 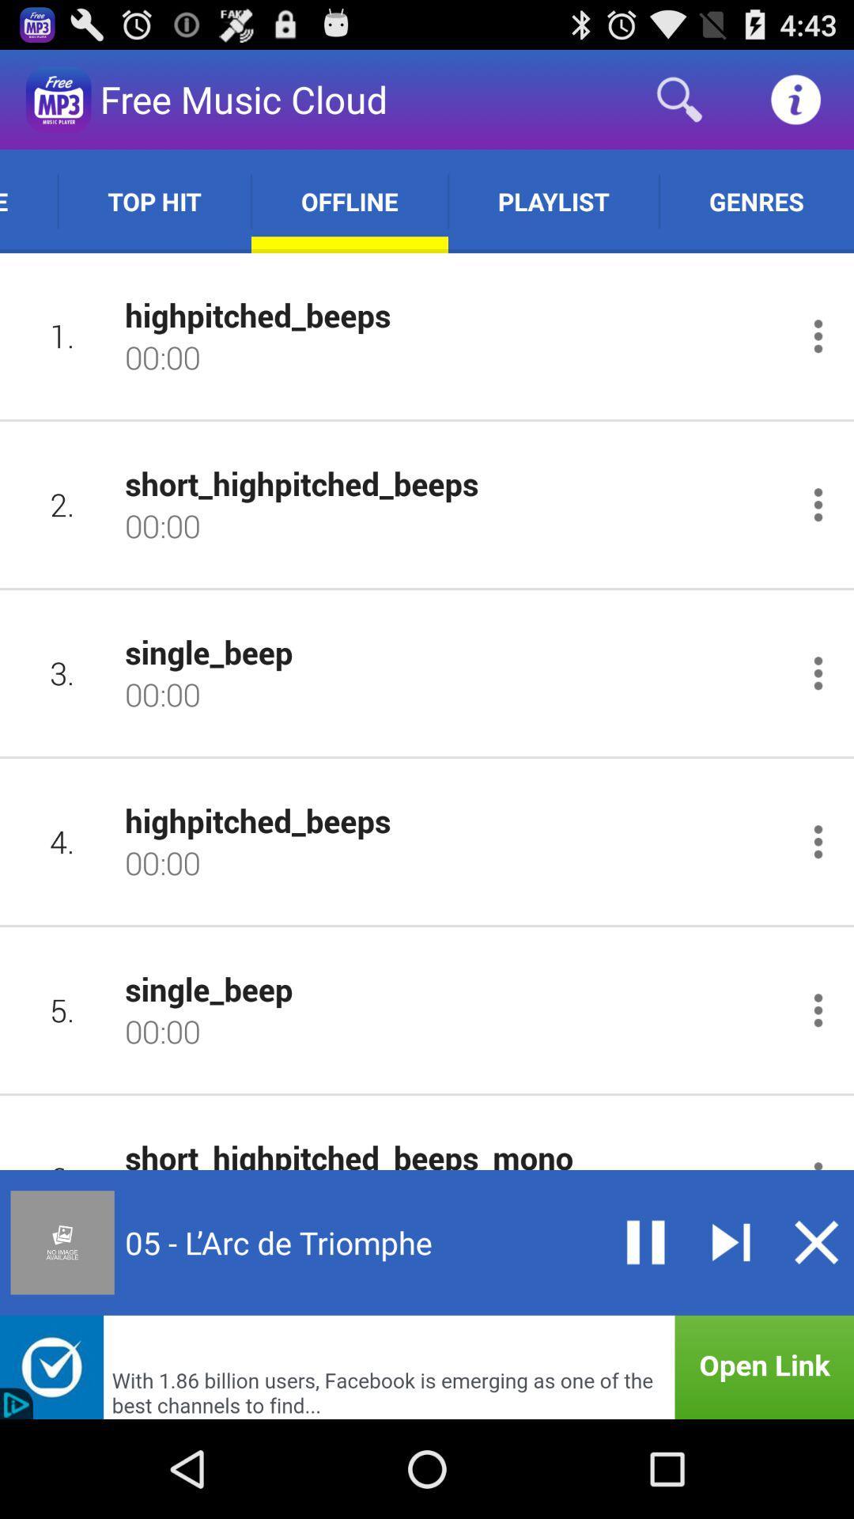 What do you see at coordinates (816, 1241) in the screenshot?
I see `song` at bounding box center [816, 1241].